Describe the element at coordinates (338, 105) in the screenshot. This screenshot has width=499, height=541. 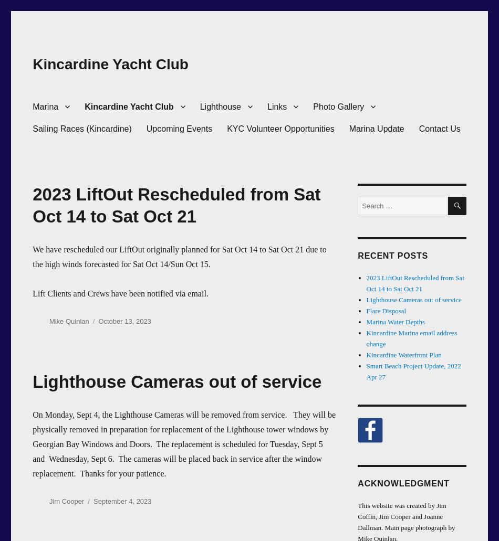
I see `'Photo Gallery'` at that location.